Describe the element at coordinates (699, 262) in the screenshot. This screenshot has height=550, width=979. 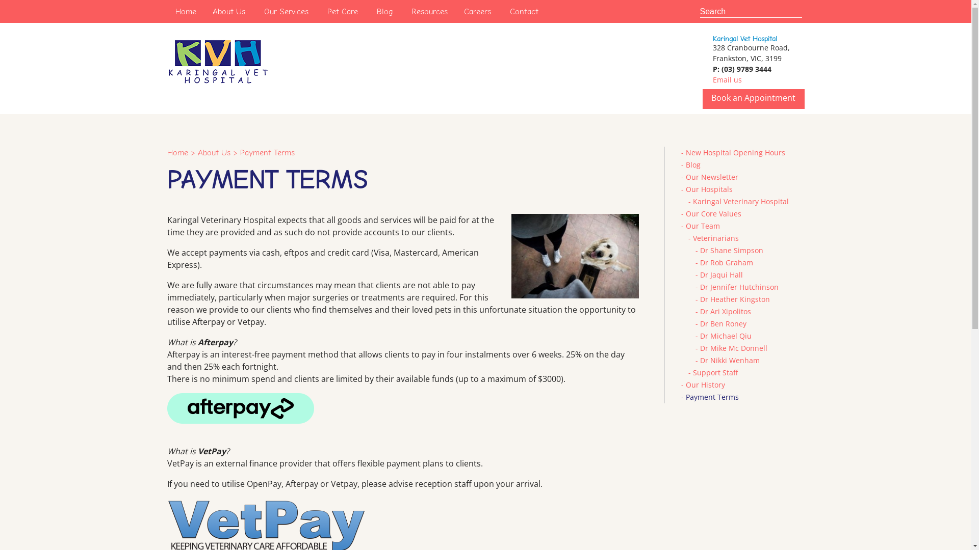
I see `'Dr Rob Graham'` at that location.